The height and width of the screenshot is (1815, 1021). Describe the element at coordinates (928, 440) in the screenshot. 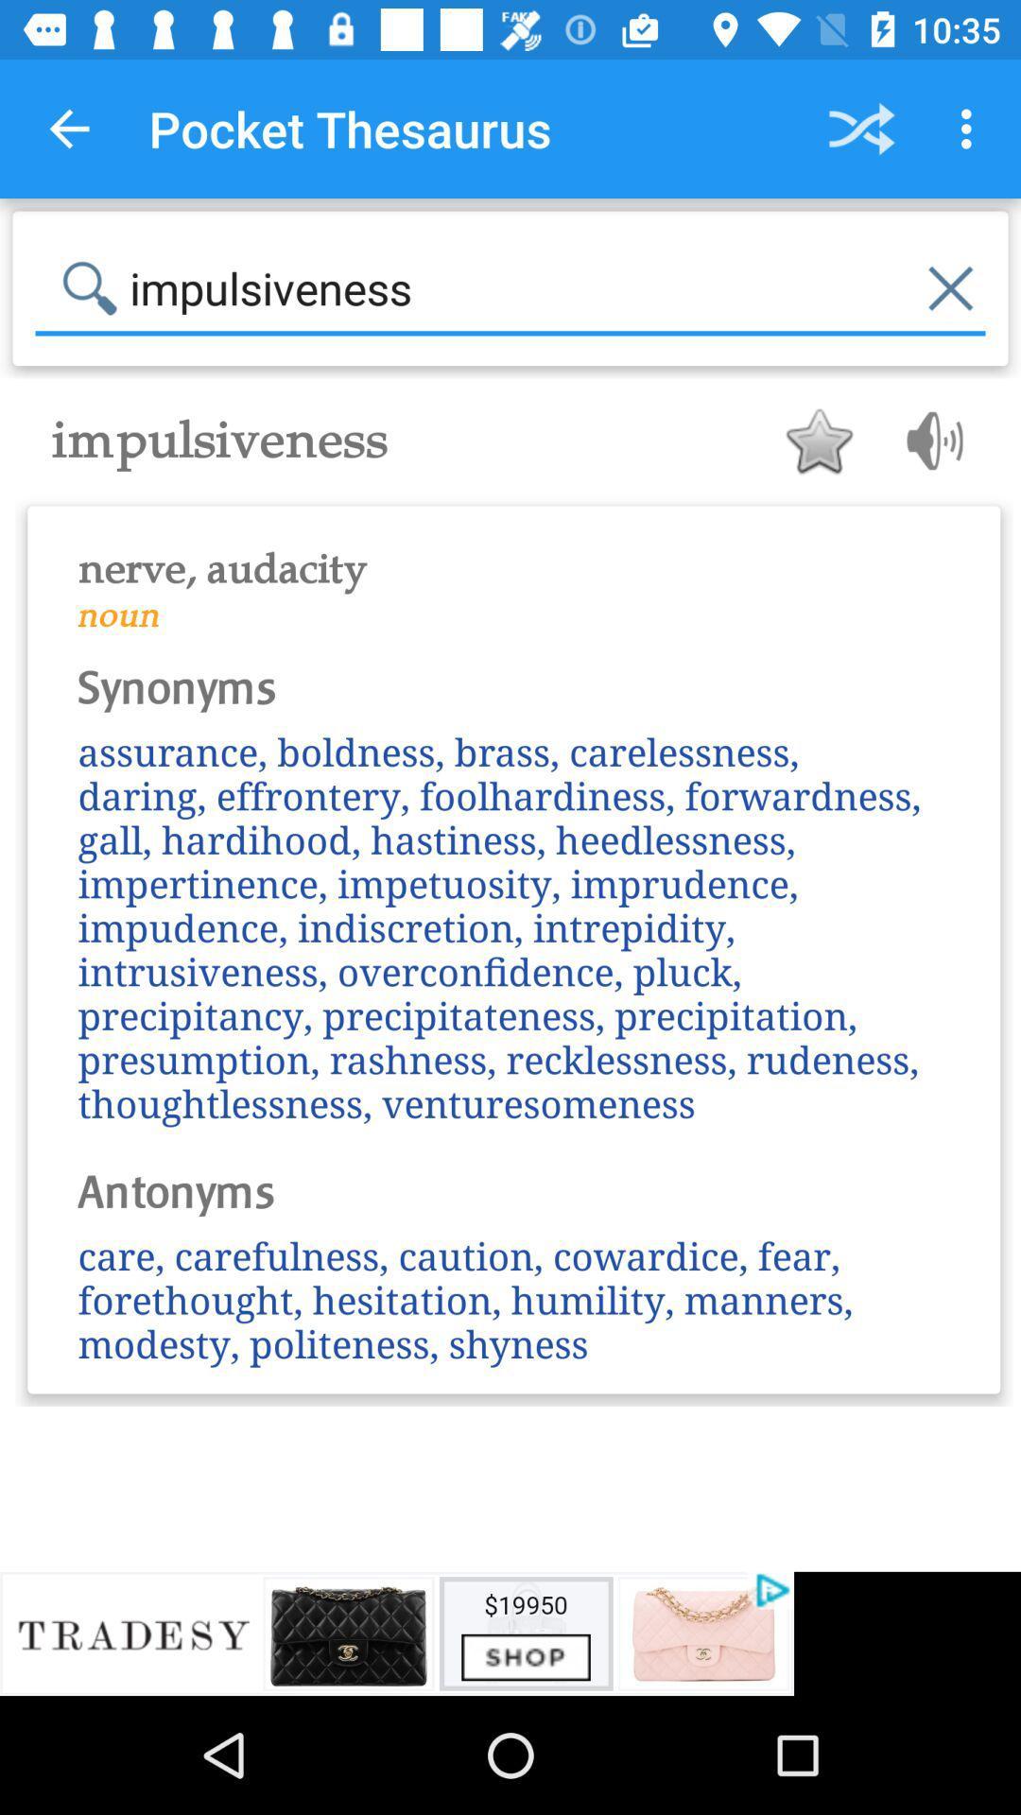

I see `the symbol beside star symbol` at that location.